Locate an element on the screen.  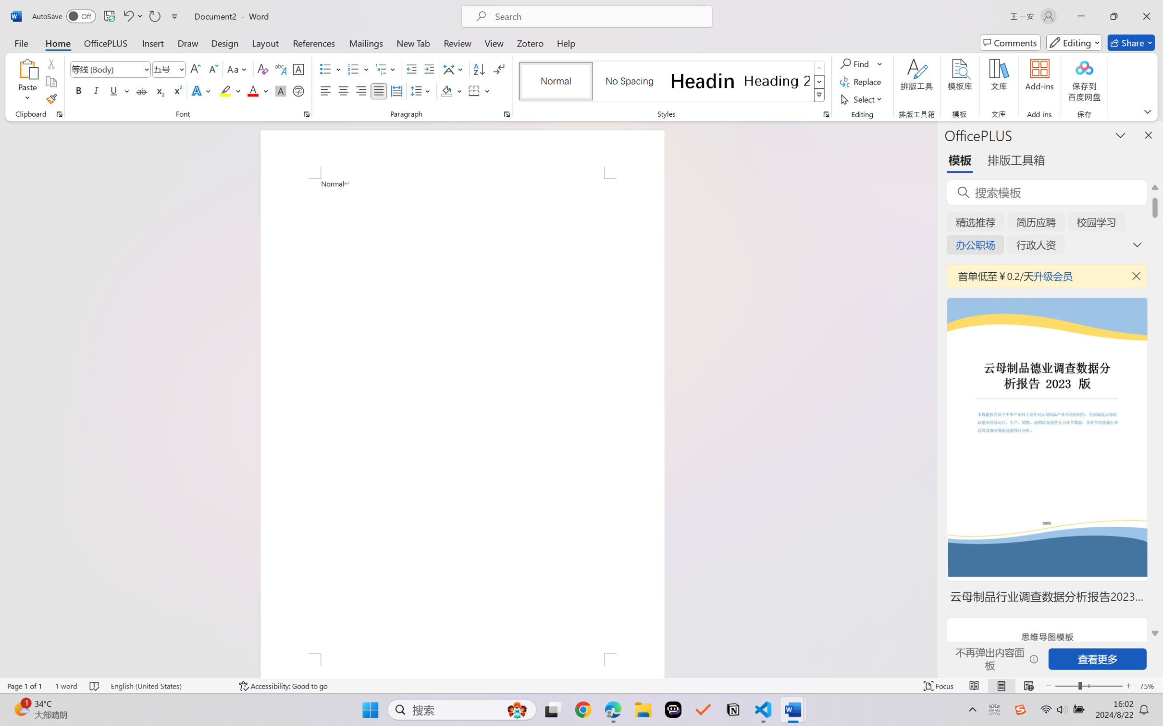
'Select' is located at coordinates (863, 99).